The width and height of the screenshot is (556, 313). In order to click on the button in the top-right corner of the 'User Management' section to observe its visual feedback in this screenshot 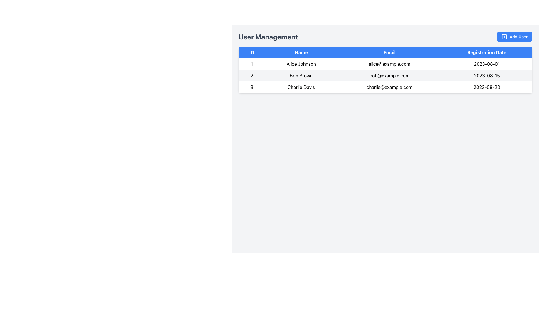, I will do `click(514, 37)`.